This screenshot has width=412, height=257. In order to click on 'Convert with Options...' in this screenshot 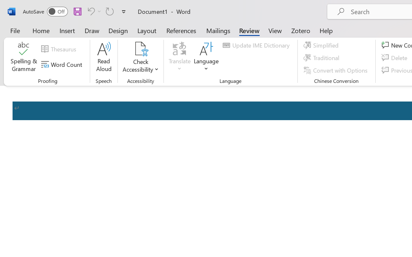, I will do `click(336, 70)`.